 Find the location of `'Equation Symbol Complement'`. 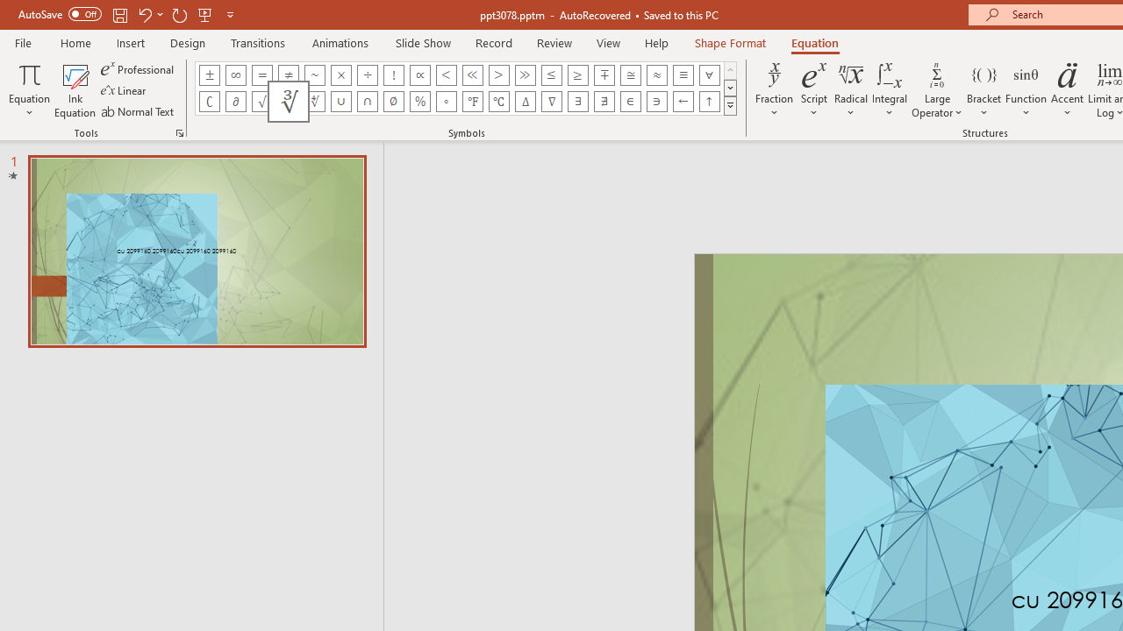

'Equation Symbol Complement' is located at coordinates (209, 101).